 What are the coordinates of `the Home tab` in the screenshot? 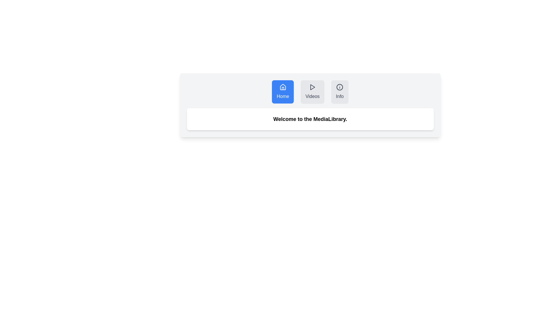 It's located at (283, 92).